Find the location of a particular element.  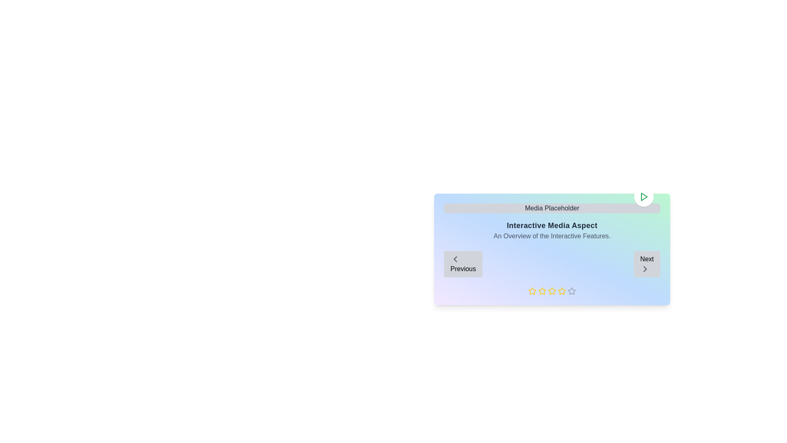

the navigation icon inside the gray 'Next' button is located at coordinates (645, 269).